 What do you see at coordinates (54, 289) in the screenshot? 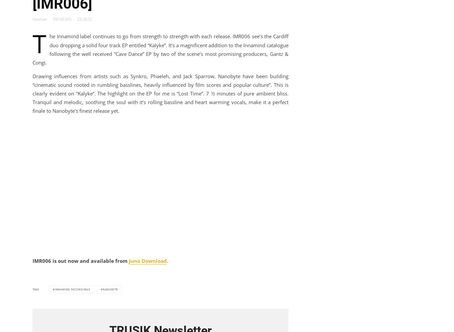
I see `'innamind recordings'` at bounding box center [54, 289].